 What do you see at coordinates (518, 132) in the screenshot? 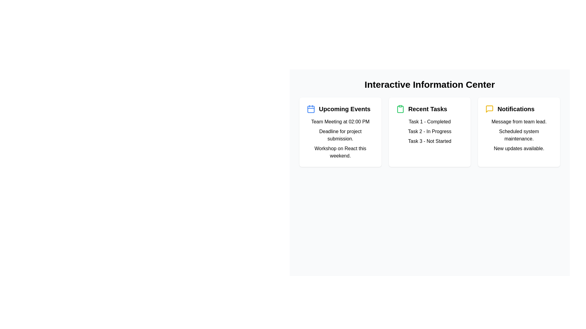
I see `a specific update in the Informational panel located in the rightmost column below the heading 'Interactive Information Center'` at bounding box center [518, 132].